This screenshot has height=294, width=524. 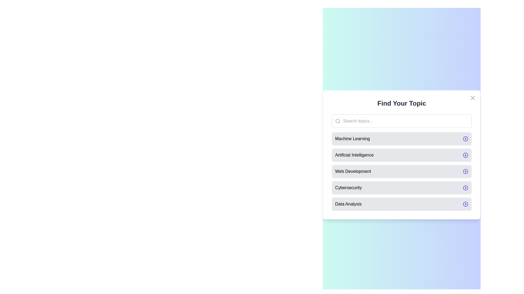 What do you see at coordinates (465, 188) in the screenshot?
I see `the plus icon next to Cybersecurity` at bounding box center [465, 188].